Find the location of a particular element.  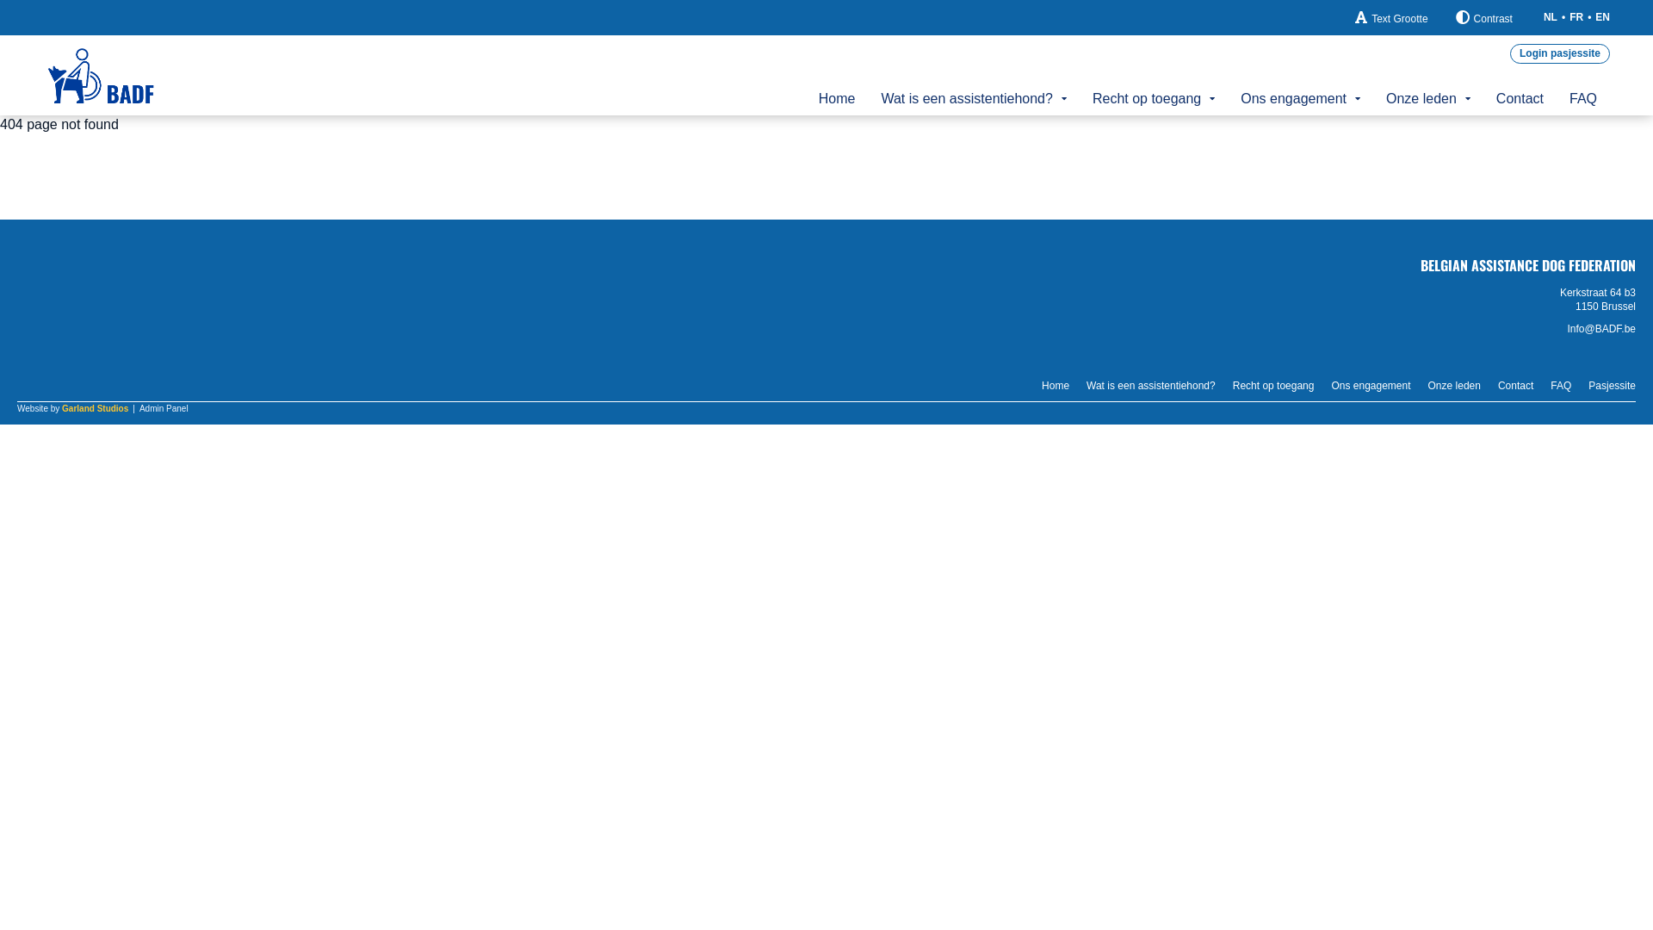

'Garland Studios' is located at coordinates (62, 408).